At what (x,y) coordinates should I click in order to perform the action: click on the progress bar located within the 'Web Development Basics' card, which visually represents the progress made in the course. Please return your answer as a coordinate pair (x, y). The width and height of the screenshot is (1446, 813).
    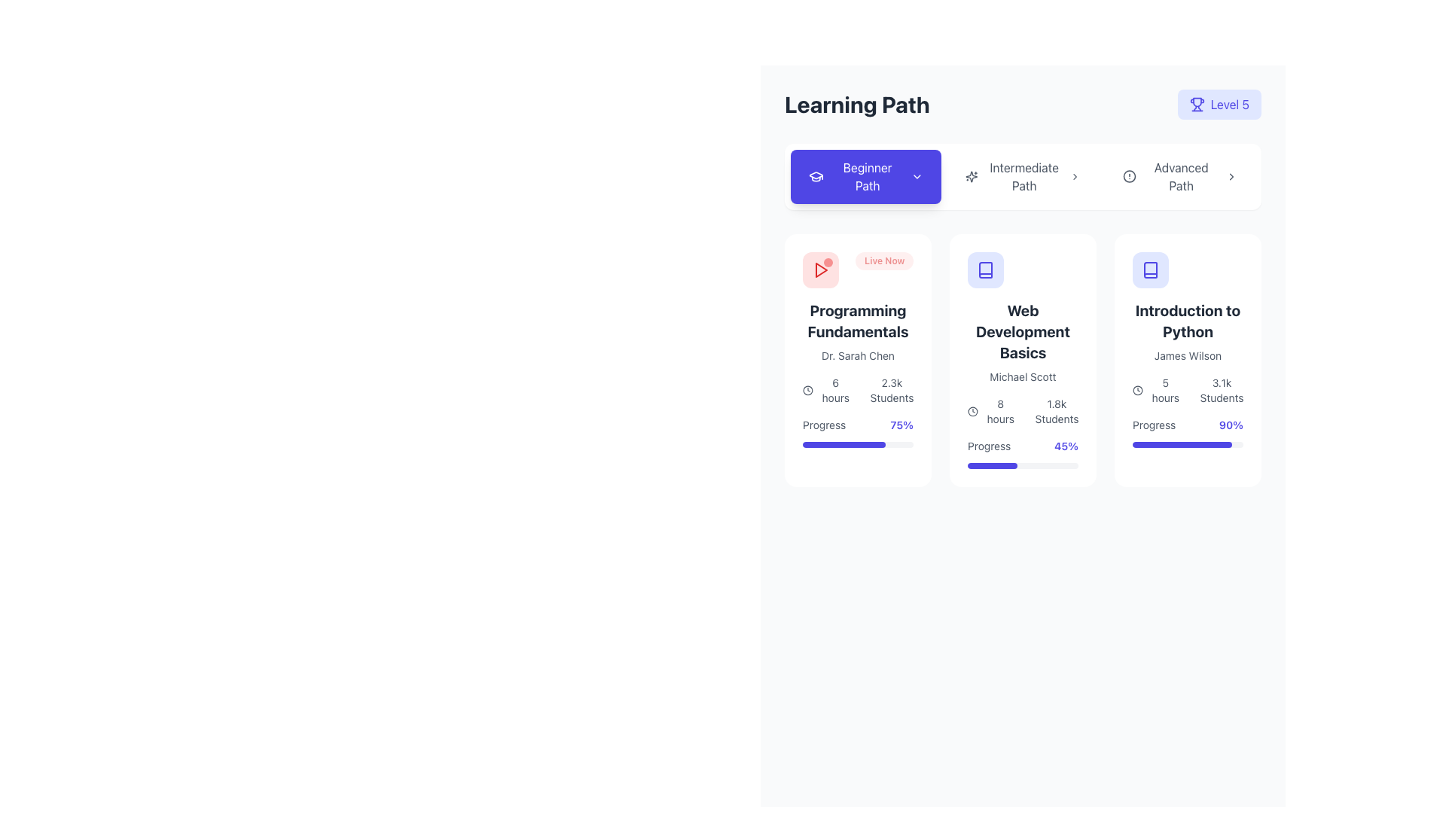
    Looking at the image, I should click on (993, 464).